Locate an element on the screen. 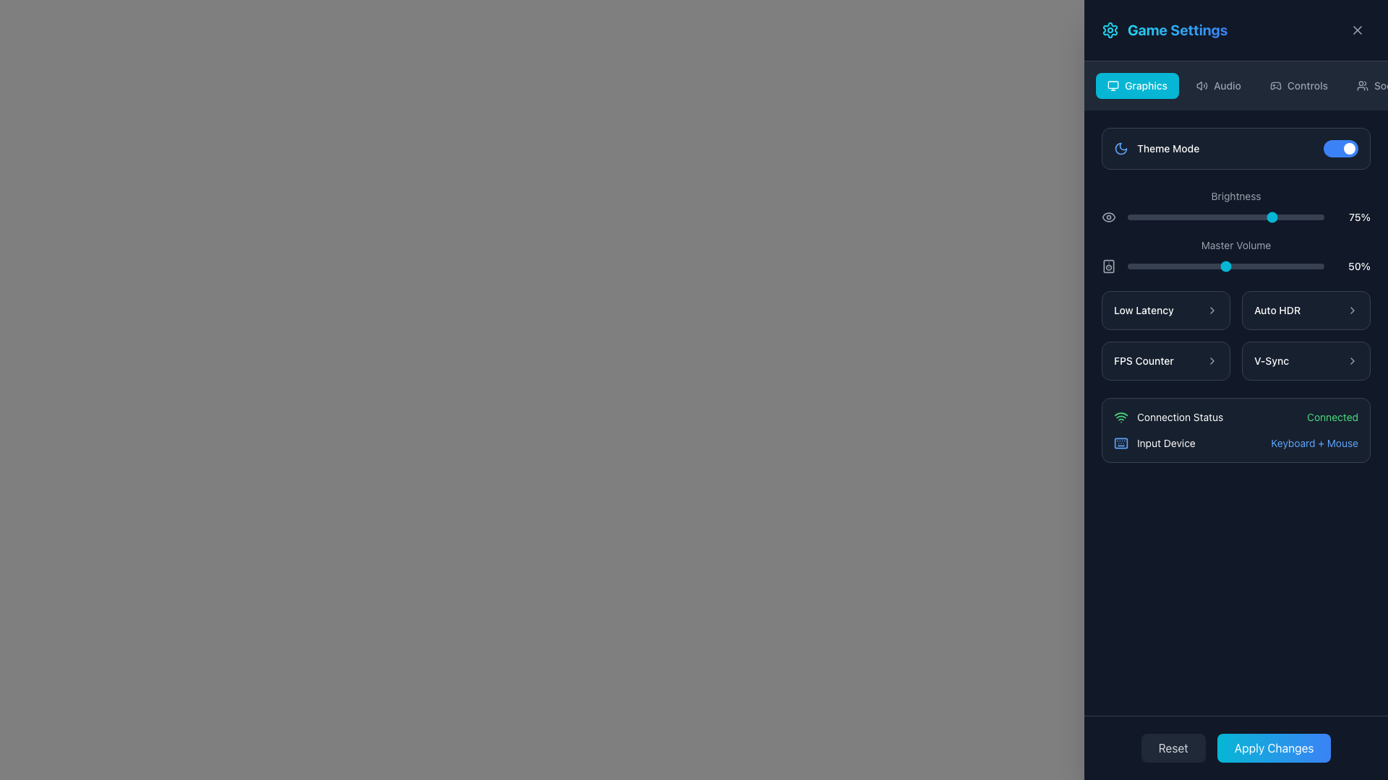 The image size is (1388, 780). the Master Volume is located at coordinates (1259, 266).